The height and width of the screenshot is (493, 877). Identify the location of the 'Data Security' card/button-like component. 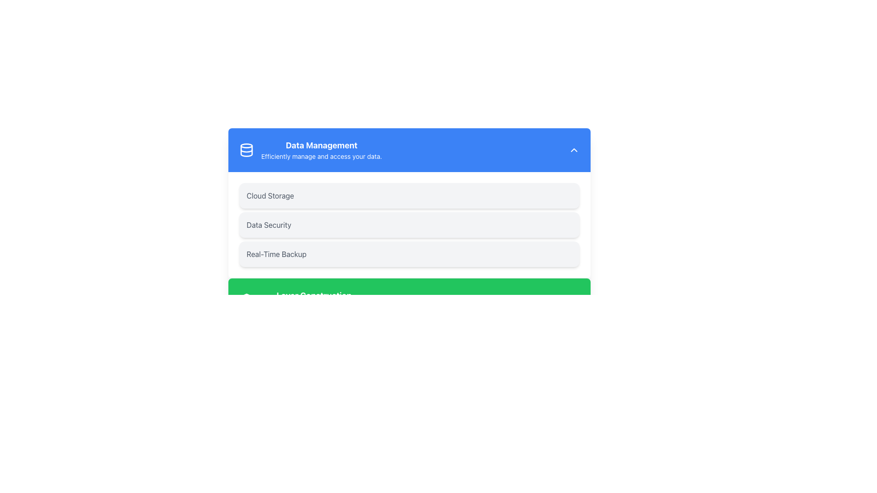
(409, 225).